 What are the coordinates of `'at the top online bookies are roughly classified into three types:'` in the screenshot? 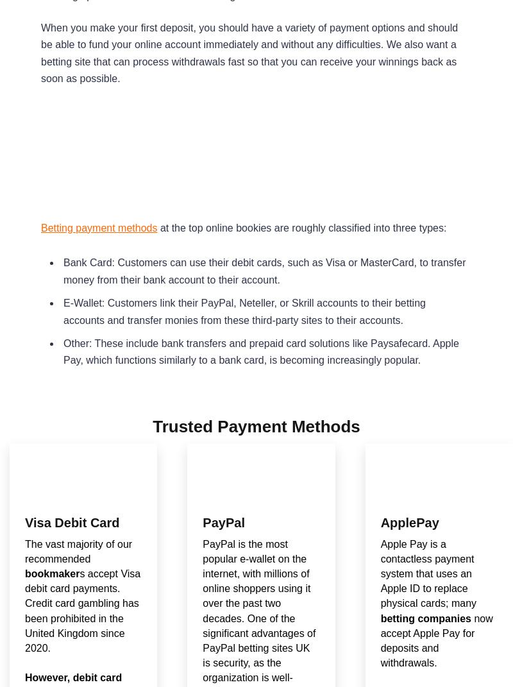 It's located at (301, 226).